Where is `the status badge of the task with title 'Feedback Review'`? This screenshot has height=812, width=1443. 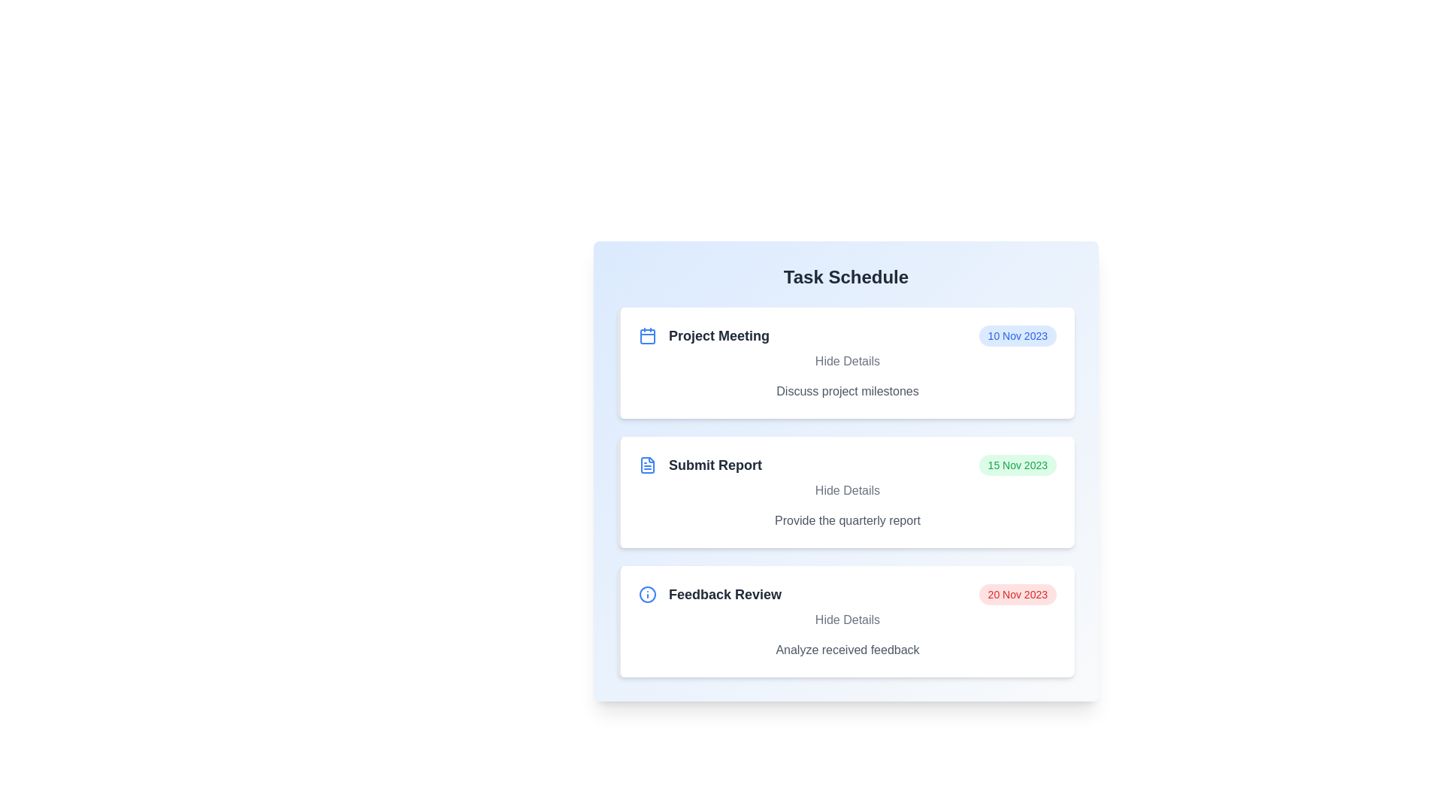
the status badge of the task with title 'Feedback Review' is located at coordinates (1018, 593).